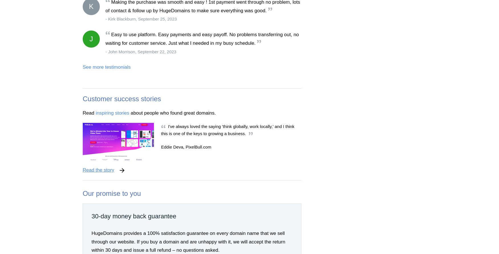 Image resolution: width=499 pixels, height=254 pixels. I want to click on 'J', so click(91, 38).